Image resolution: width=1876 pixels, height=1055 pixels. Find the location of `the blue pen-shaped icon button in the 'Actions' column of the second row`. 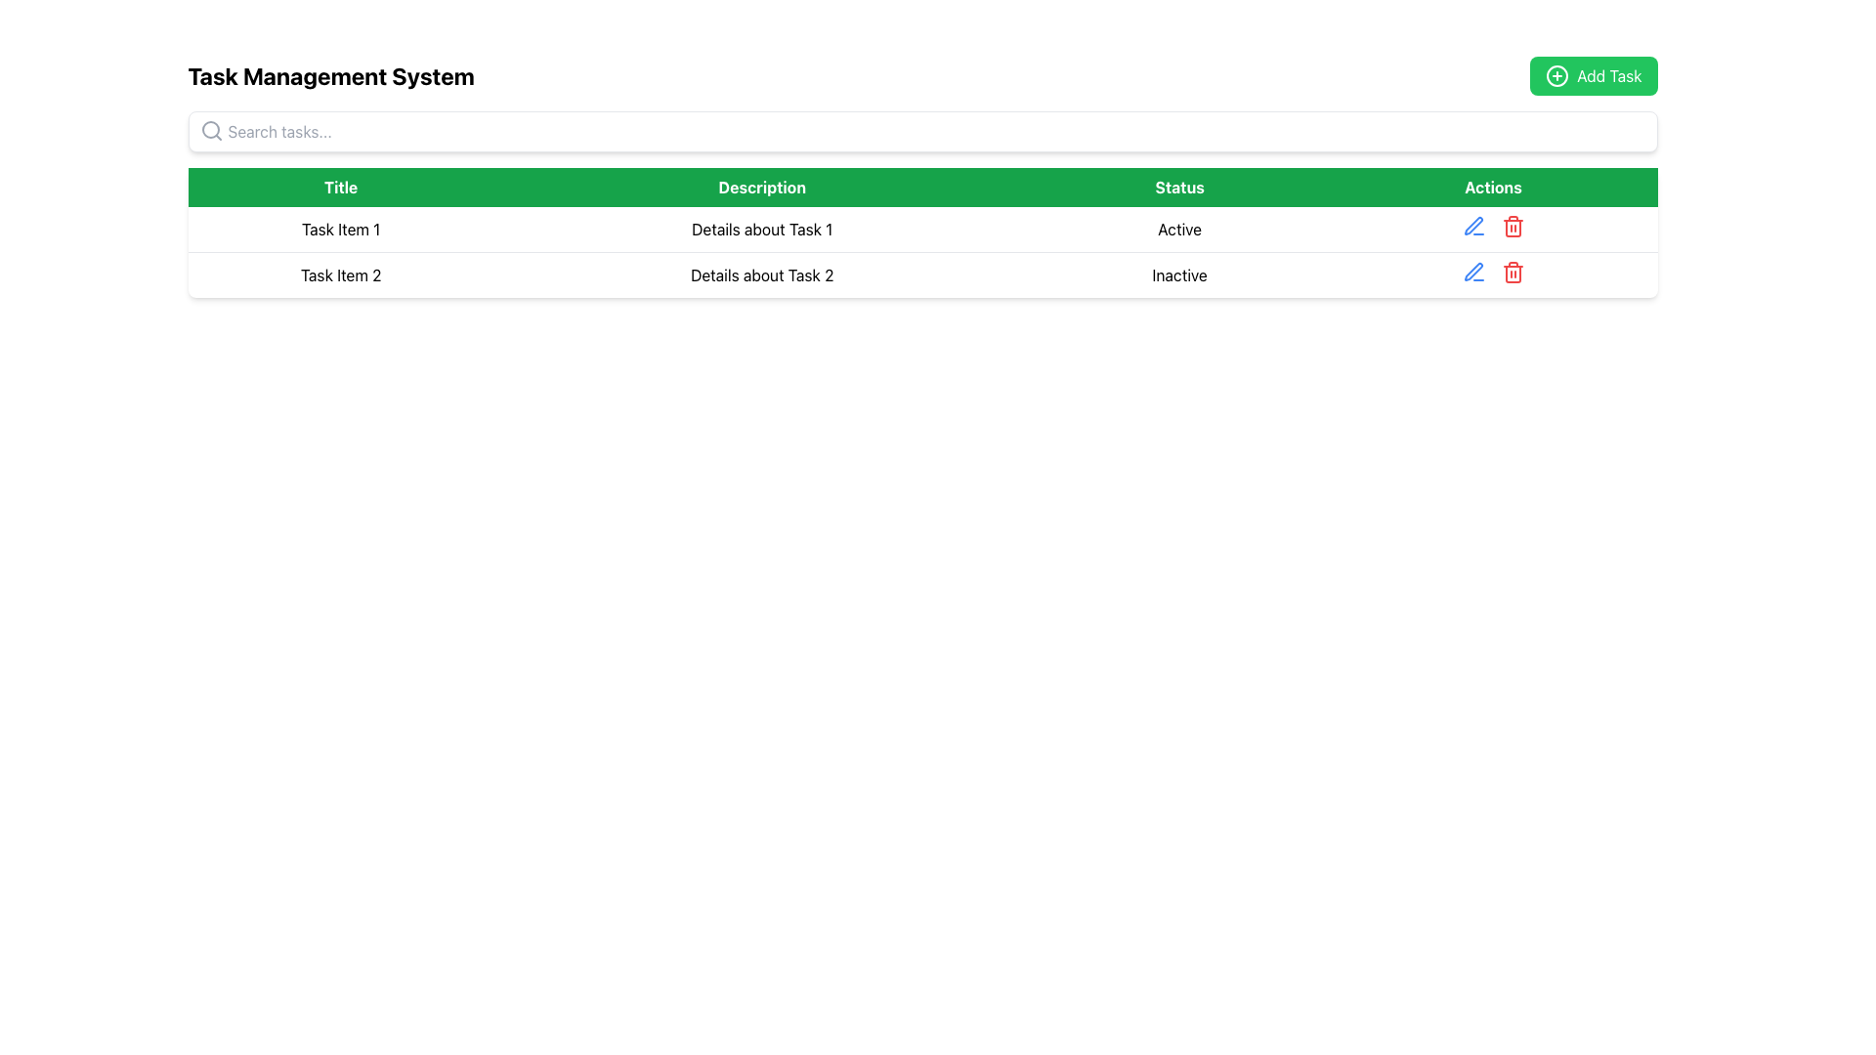

the blue pen-shaped icon button in the 'Actions' column of the second row is located at coordinates (1473, 272).